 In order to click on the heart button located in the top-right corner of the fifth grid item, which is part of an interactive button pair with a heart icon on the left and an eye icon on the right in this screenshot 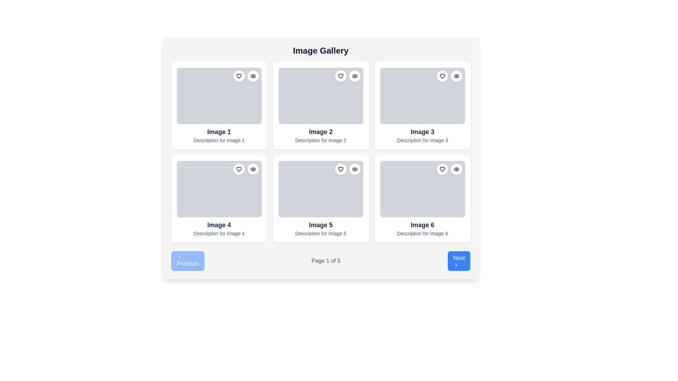, I will do `click(347, 169)`.